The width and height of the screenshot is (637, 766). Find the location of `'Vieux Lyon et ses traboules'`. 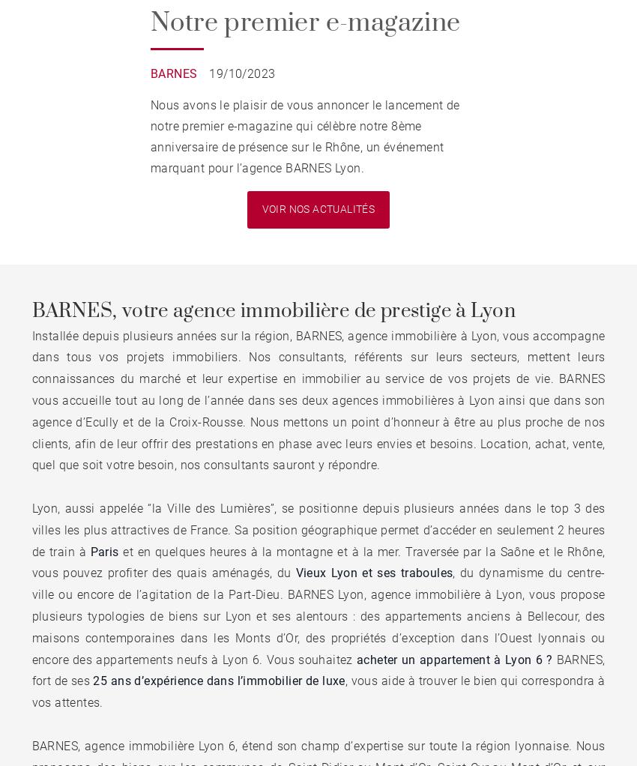

'Vieux Lyon et ses traboules' is located at coordinates (374, 572).